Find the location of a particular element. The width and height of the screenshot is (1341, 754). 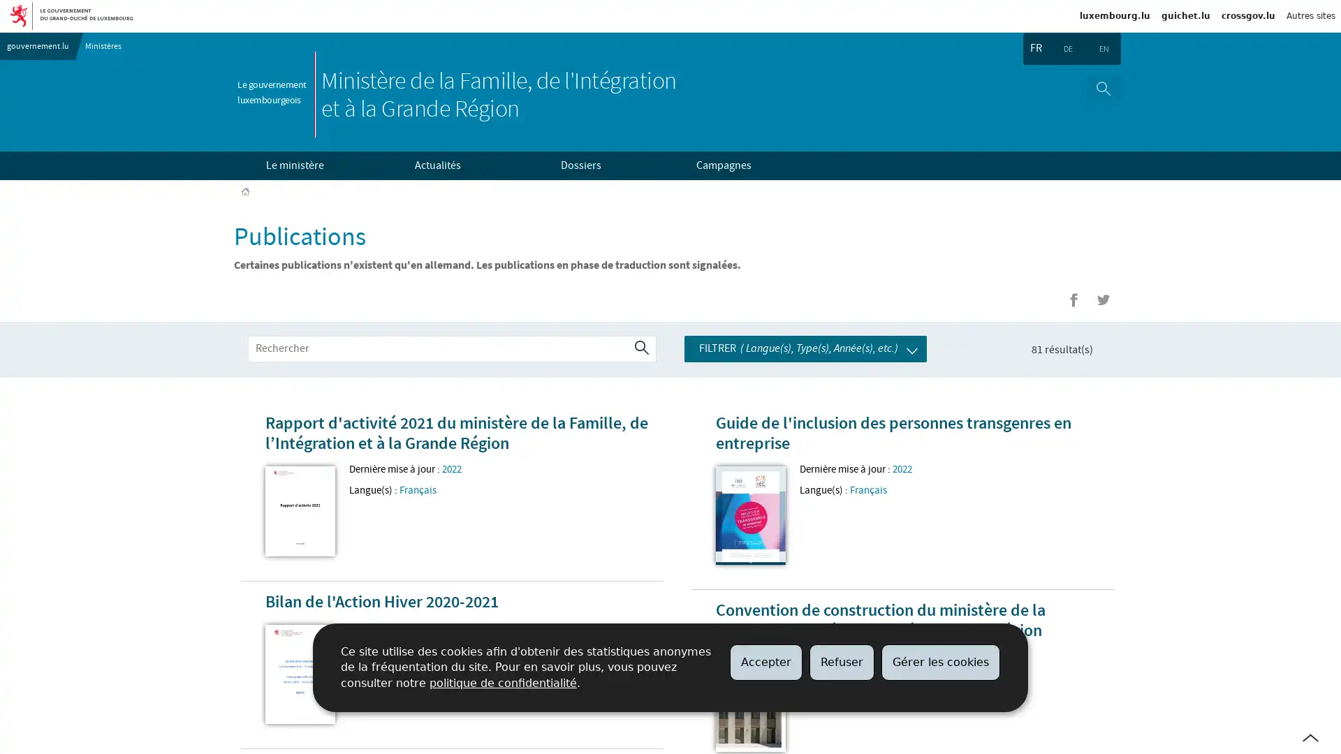

Rechercher is located at coordinates (1102, 88).